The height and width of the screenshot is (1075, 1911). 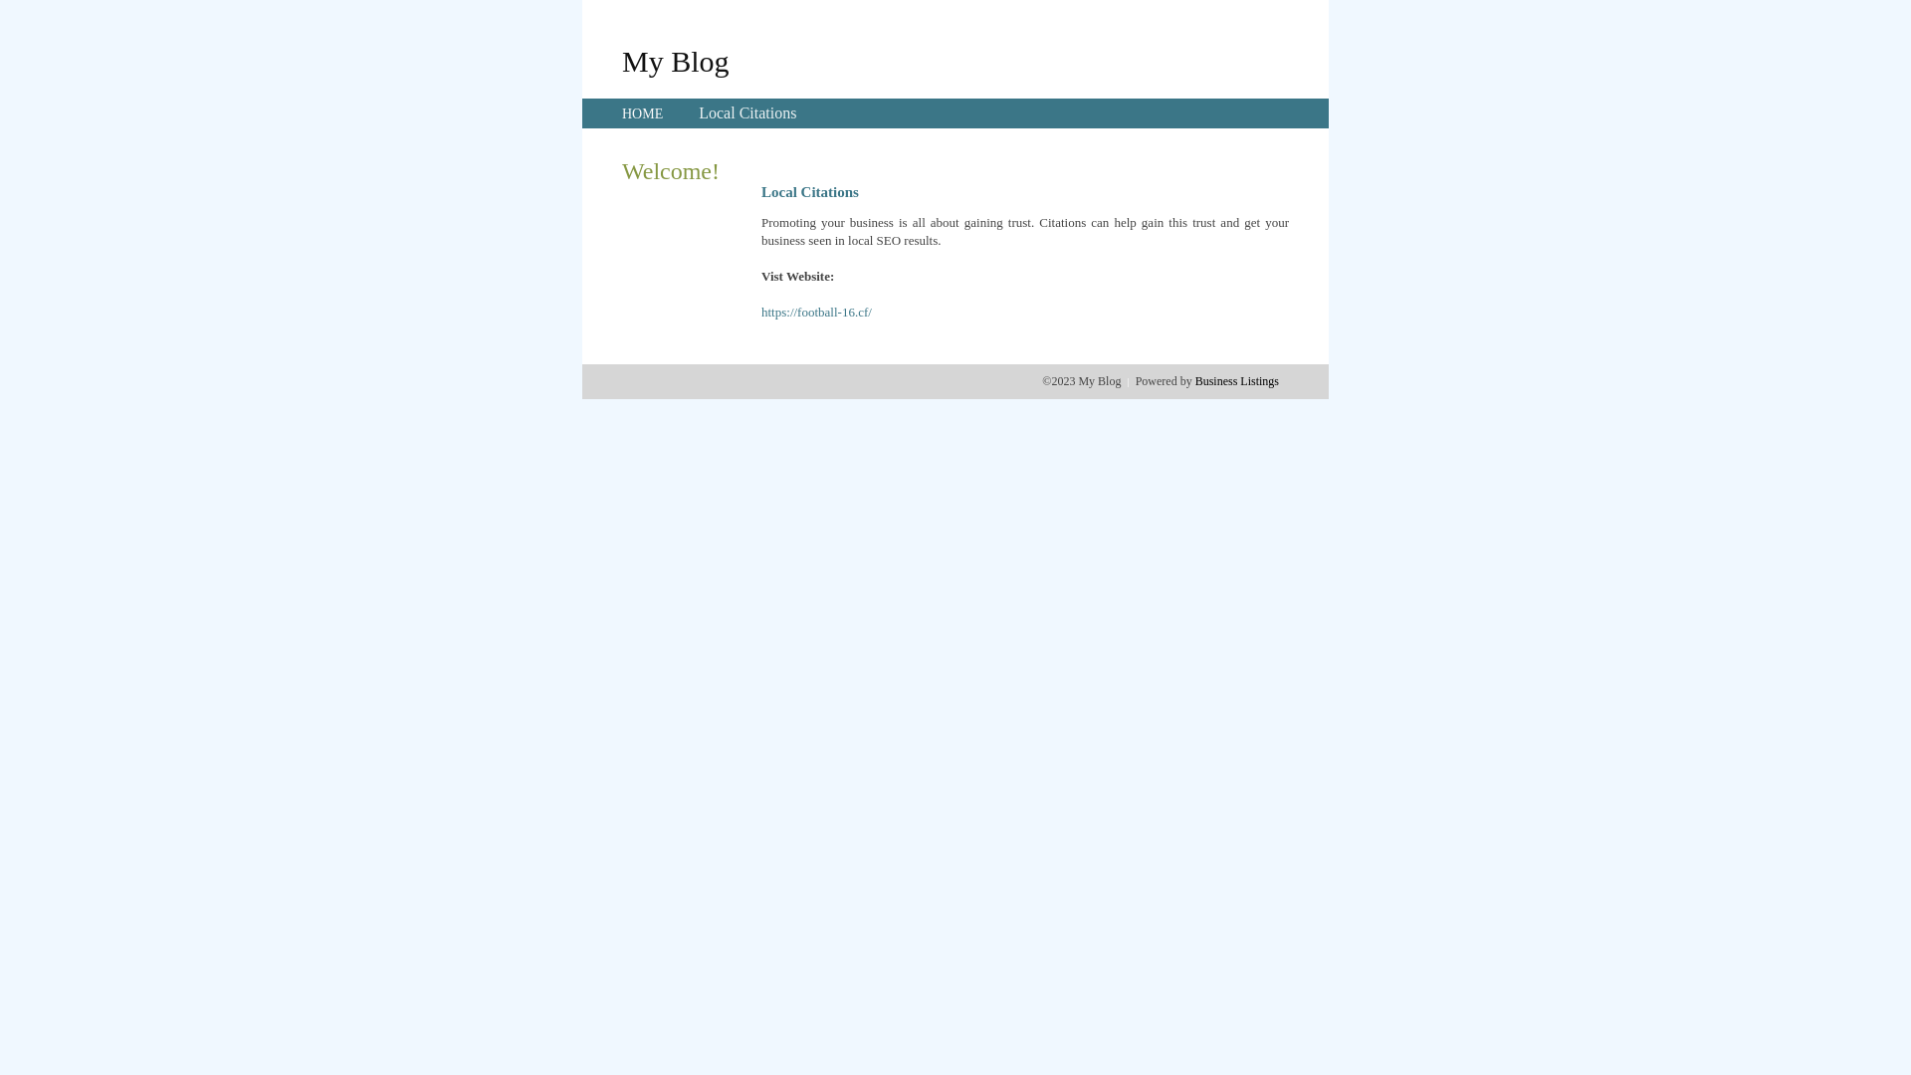 What do you see at coordinates (1236, 380) in the screenshot?
I see `'Business Listings'` at bounding box center [1236, 380].